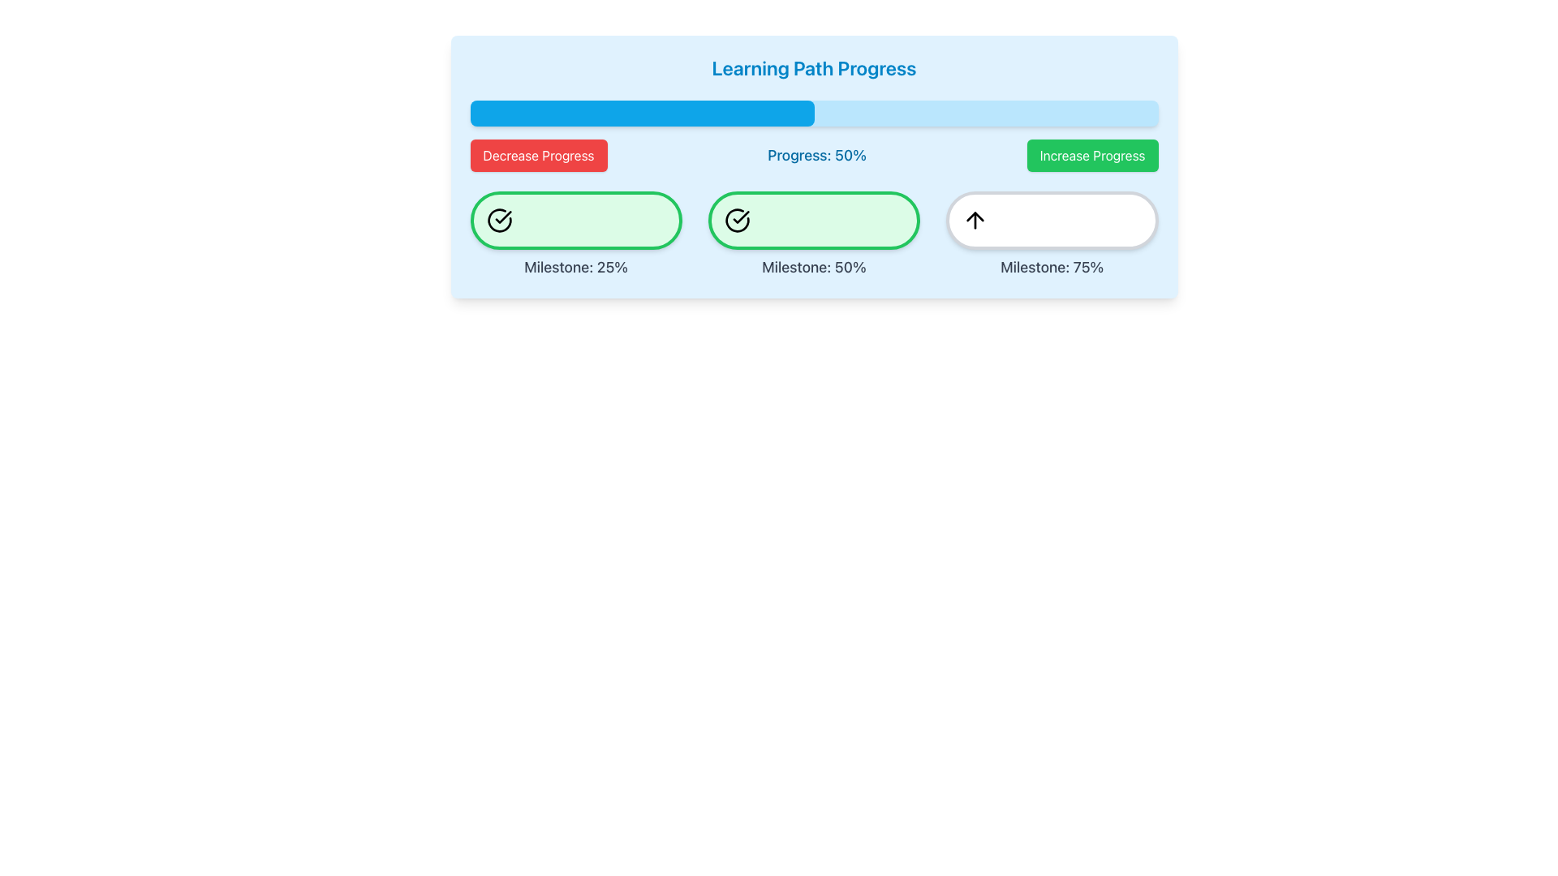 This screenshot has width=1558, height=876. I want to click on the static text label displaying 'Milestone: 25%' which is styled with a large gray font and positioned below a green button with a check icon, so click(576, 267).